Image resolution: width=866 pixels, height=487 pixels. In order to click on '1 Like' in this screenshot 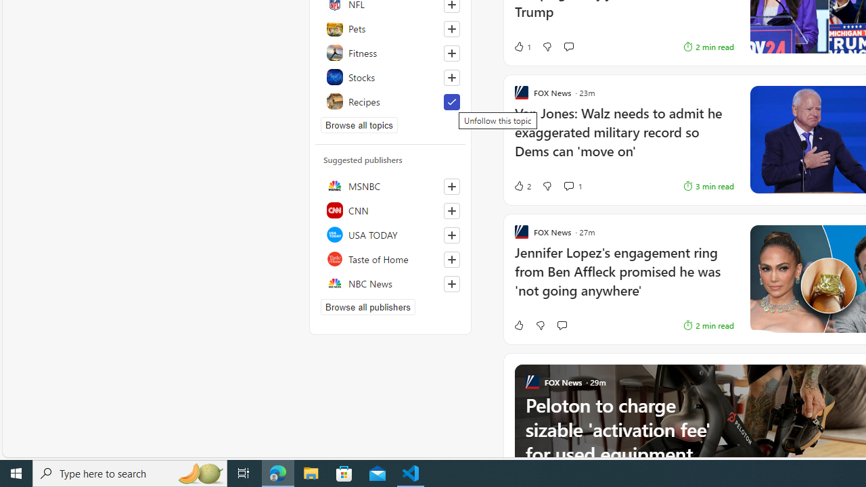, I will do `click(521, 45)`.